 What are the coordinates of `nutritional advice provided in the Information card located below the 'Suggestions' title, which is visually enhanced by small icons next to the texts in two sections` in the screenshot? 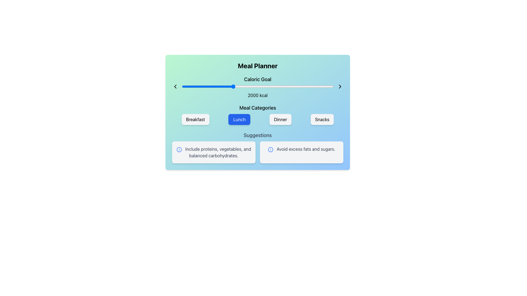 It's located at (257, 152).